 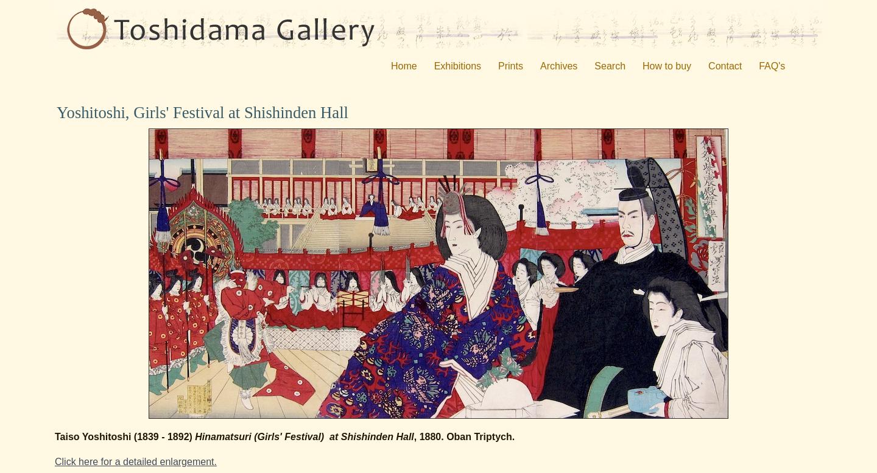 What do you see at coordinates (57, 112) in the screenshot?
I see `'Yoshitoshi, Girls' Festival at Shishinden Hall'` at bounding box center [57, 112].